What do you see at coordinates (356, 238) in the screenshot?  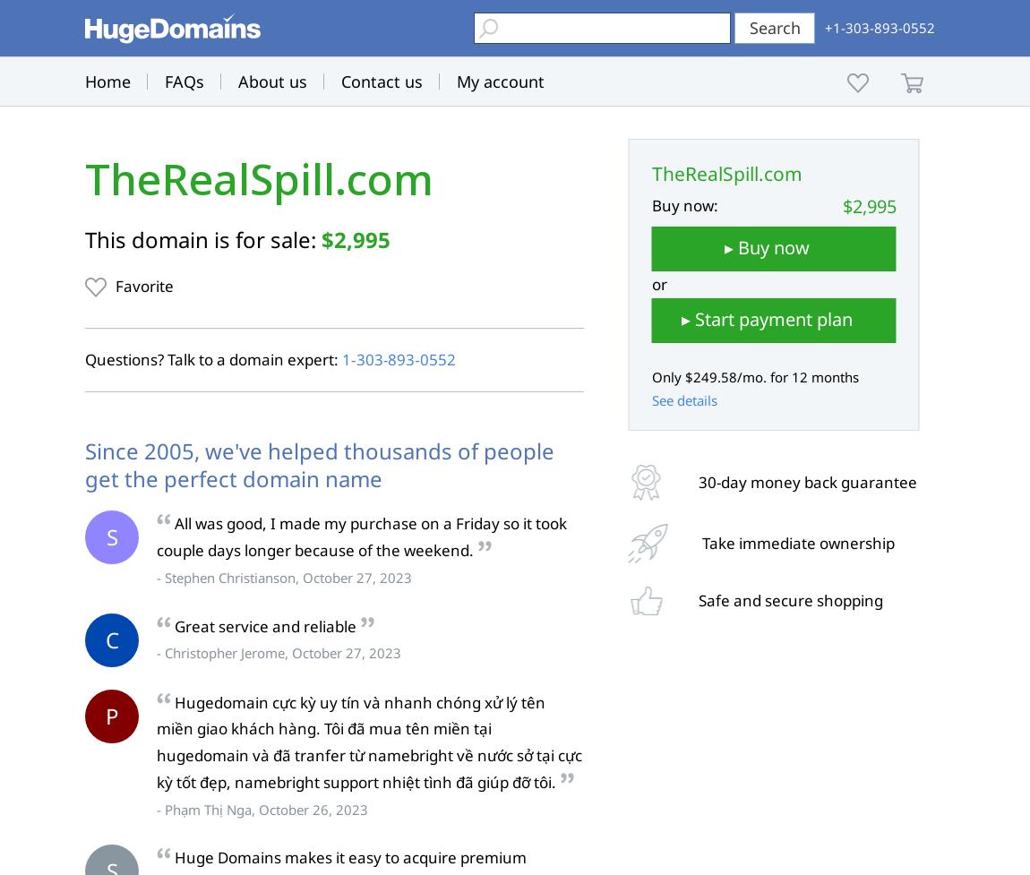 I see `'$2,995'` at bounding box center [356, 238].